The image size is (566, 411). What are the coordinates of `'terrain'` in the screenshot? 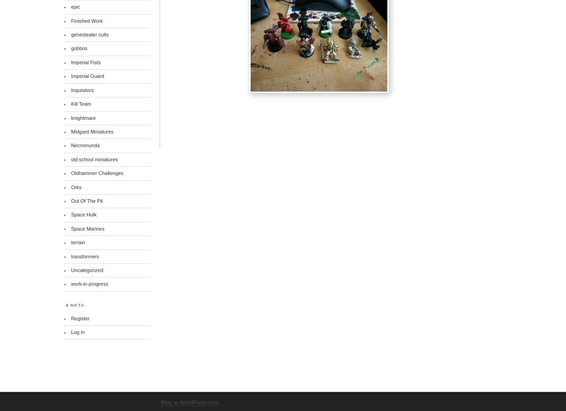 It's located at (77, 242).